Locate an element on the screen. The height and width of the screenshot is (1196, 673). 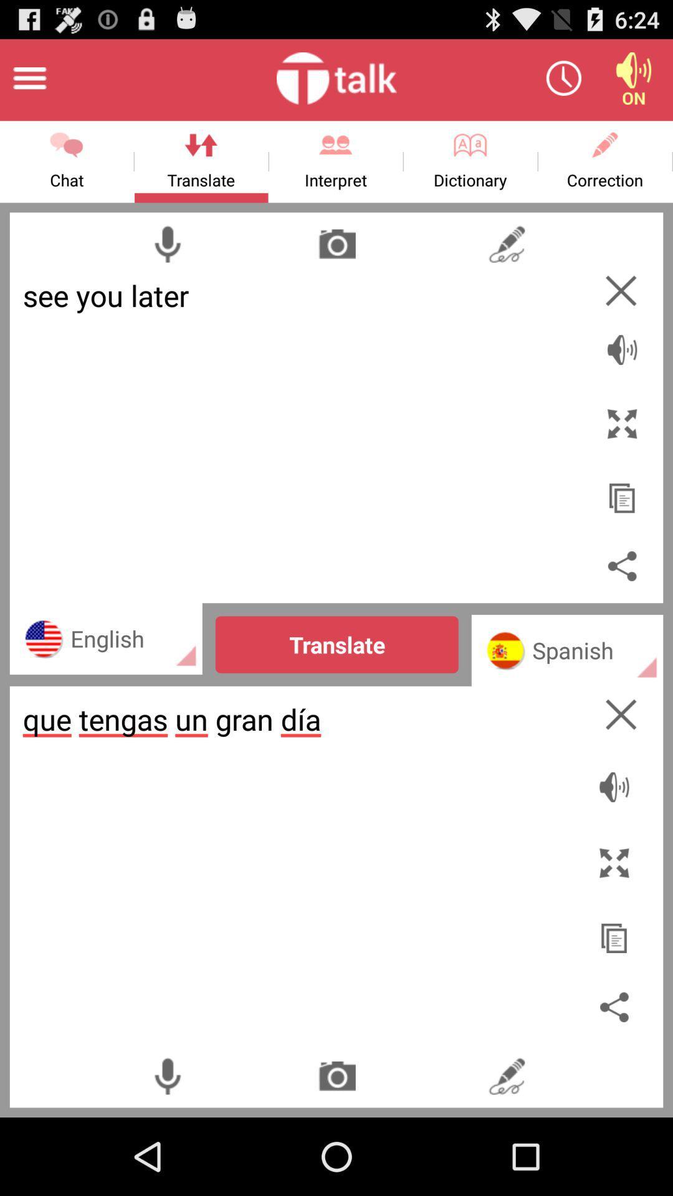
listen to translation is located at coordinates (617, 780).